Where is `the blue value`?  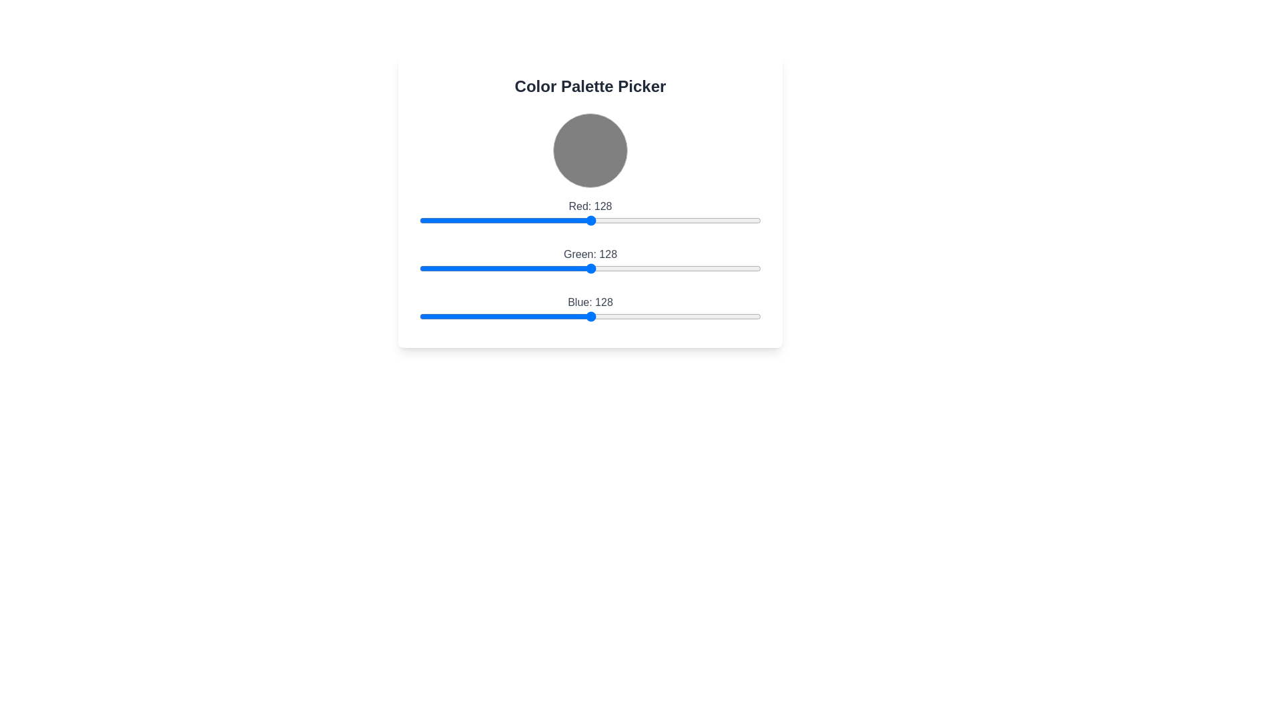 the blue value is located at coordinates (588, 316).